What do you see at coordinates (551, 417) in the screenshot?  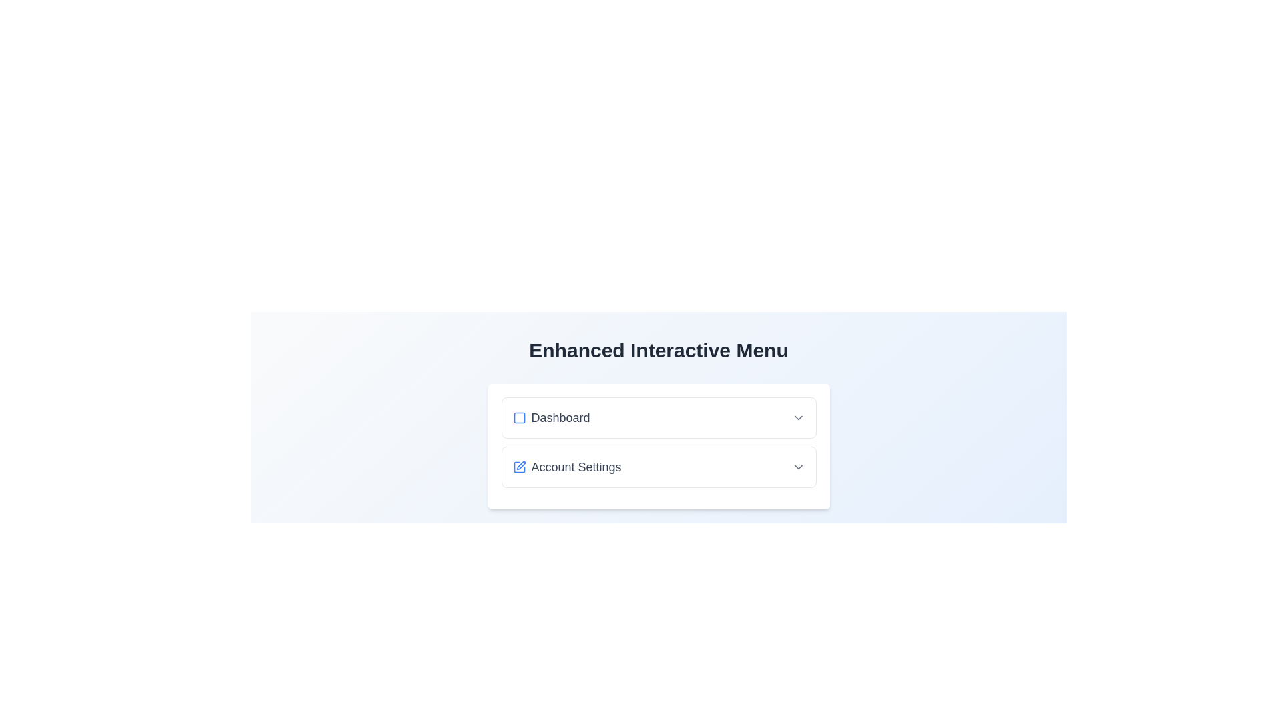 I see `the 'Dashboard' label in the navigation menu` at bounding box center [551, 417].